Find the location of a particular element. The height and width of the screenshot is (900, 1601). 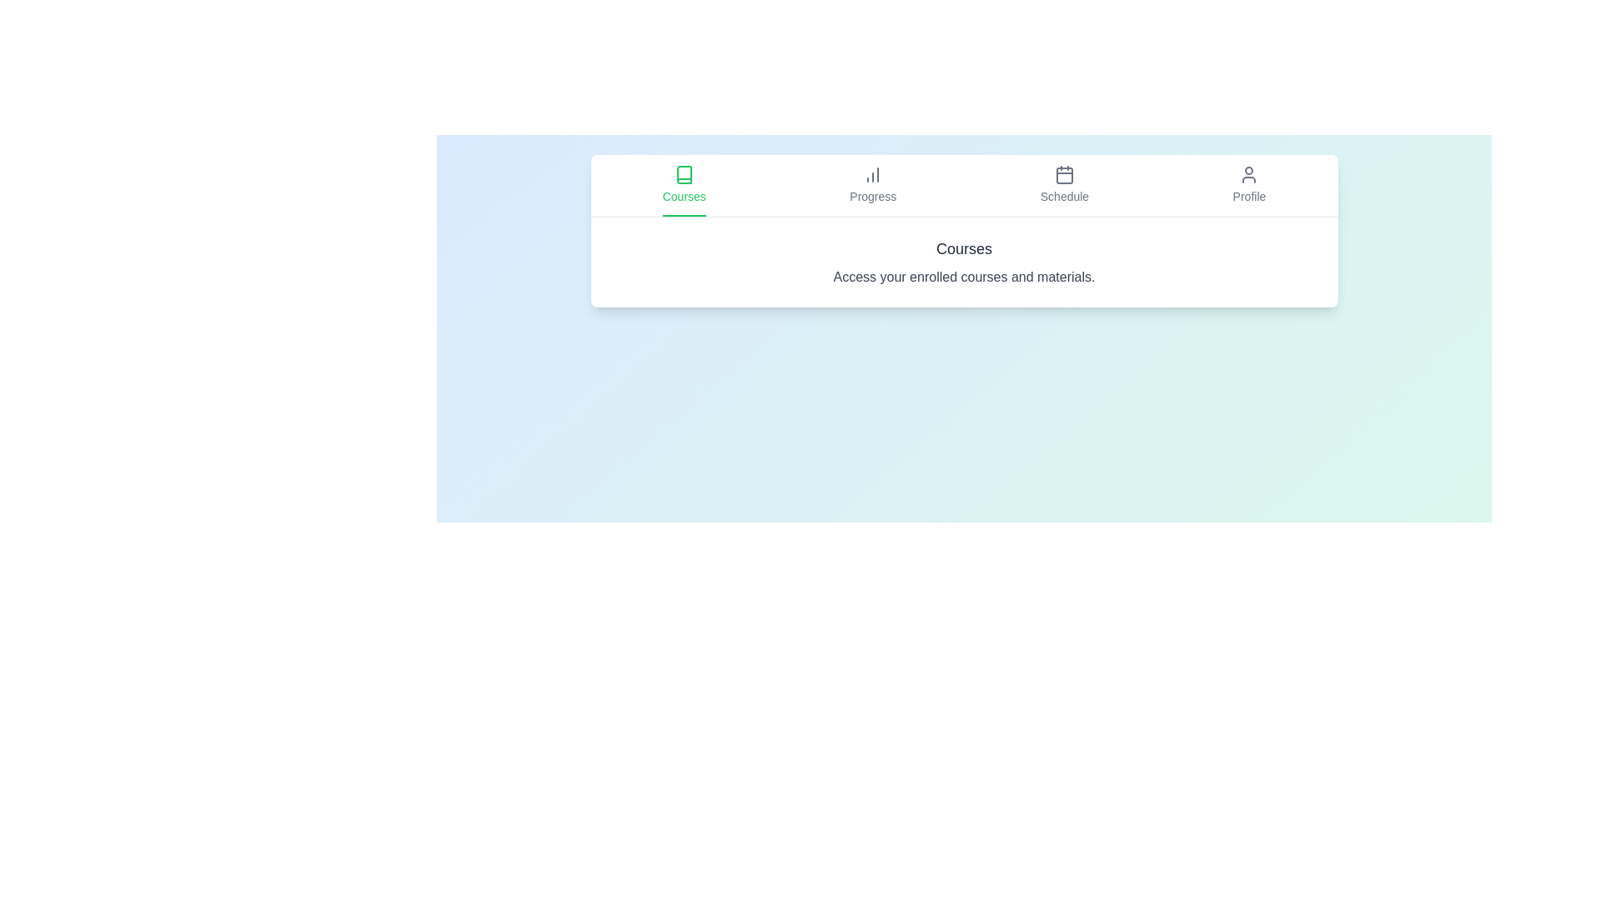

the tab labeled Progress is located at coordinates (871, 186).